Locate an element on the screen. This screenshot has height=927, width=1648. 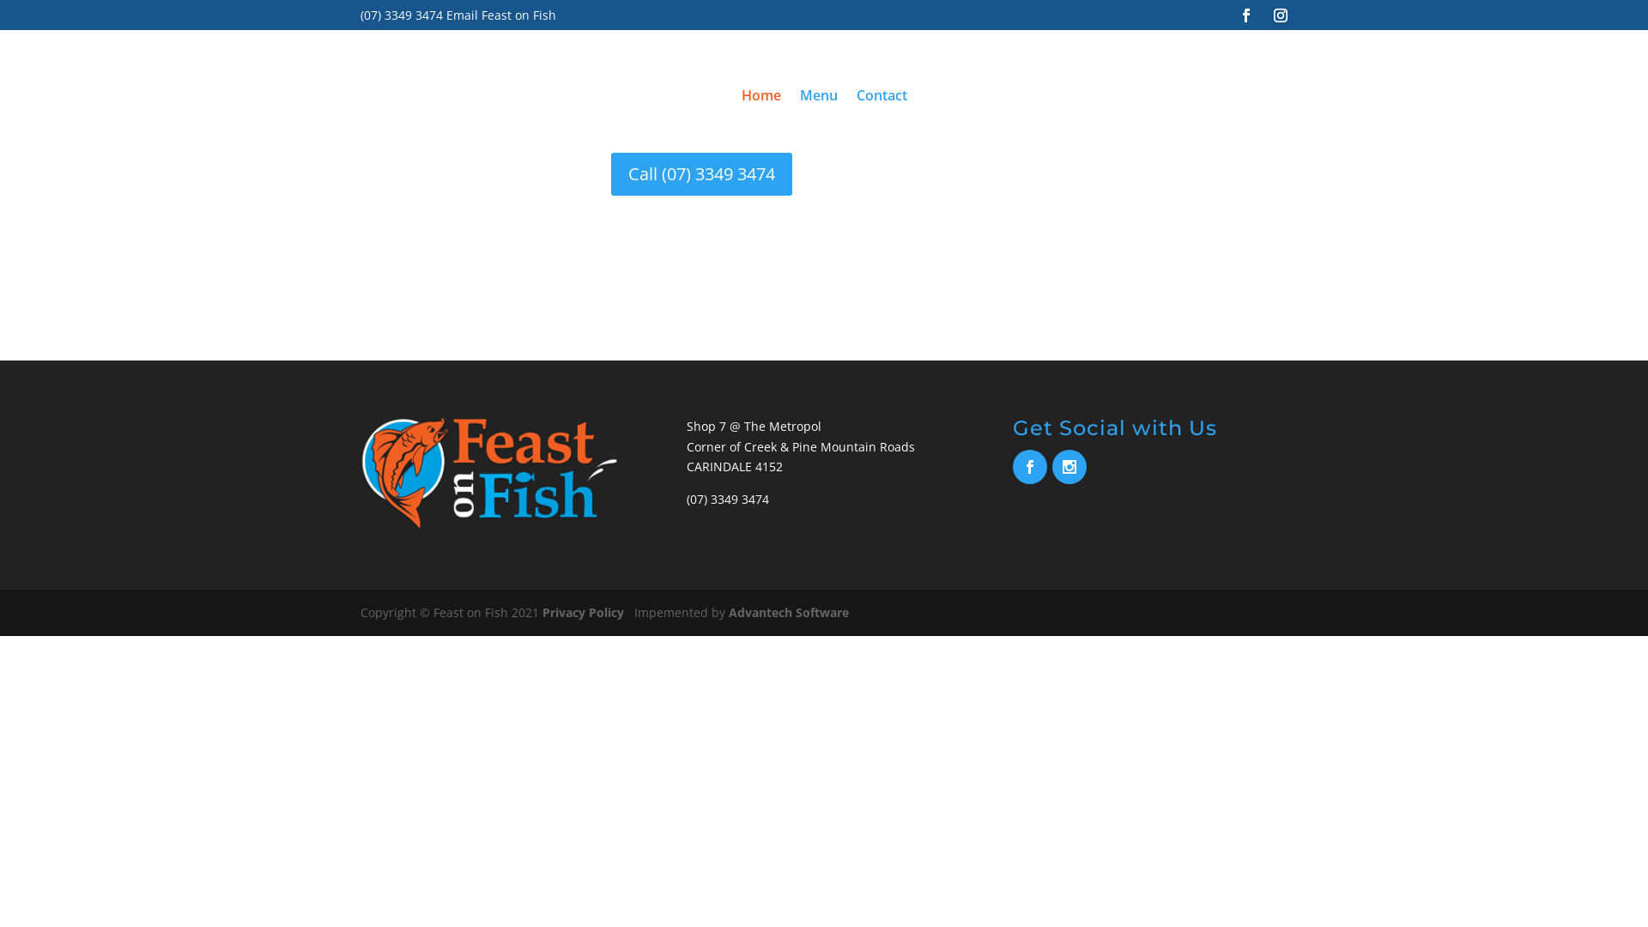
'(07) 3349 3474' is located at coordinates (728, 499).